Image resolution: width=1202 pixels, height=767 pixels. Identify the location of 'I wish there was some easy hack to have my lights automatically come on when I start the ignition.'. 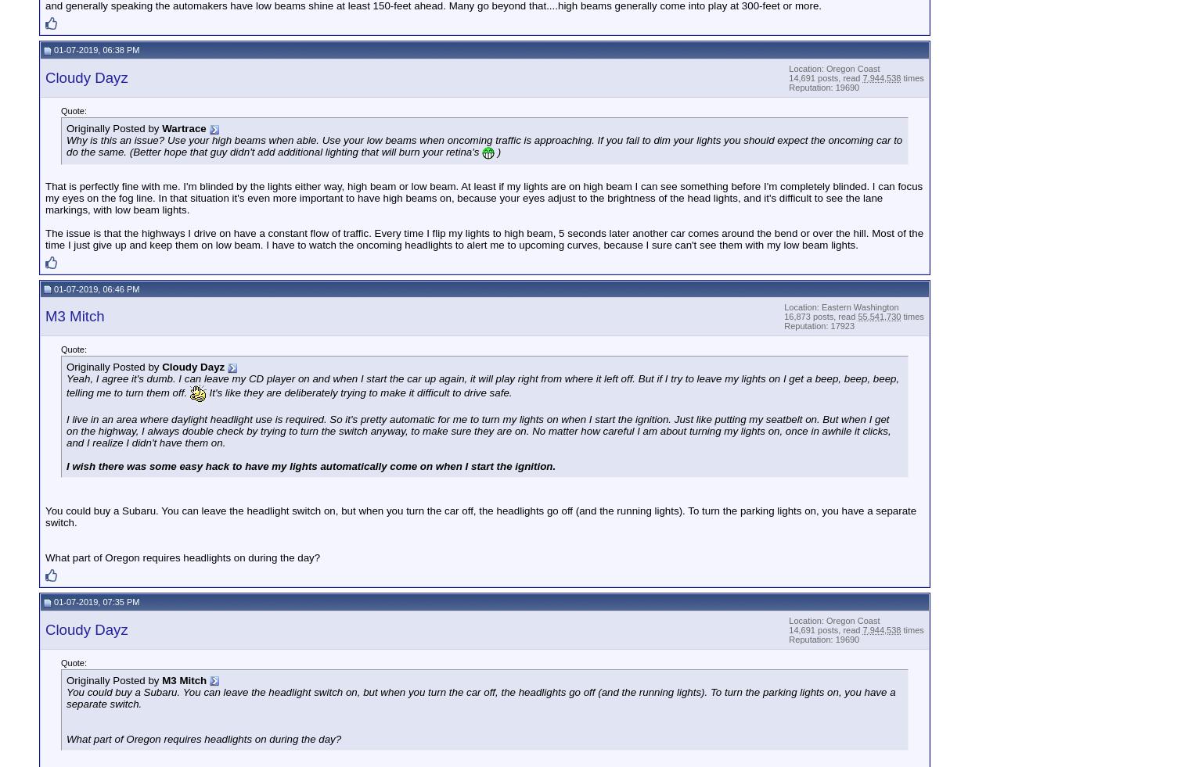
(311, 466).